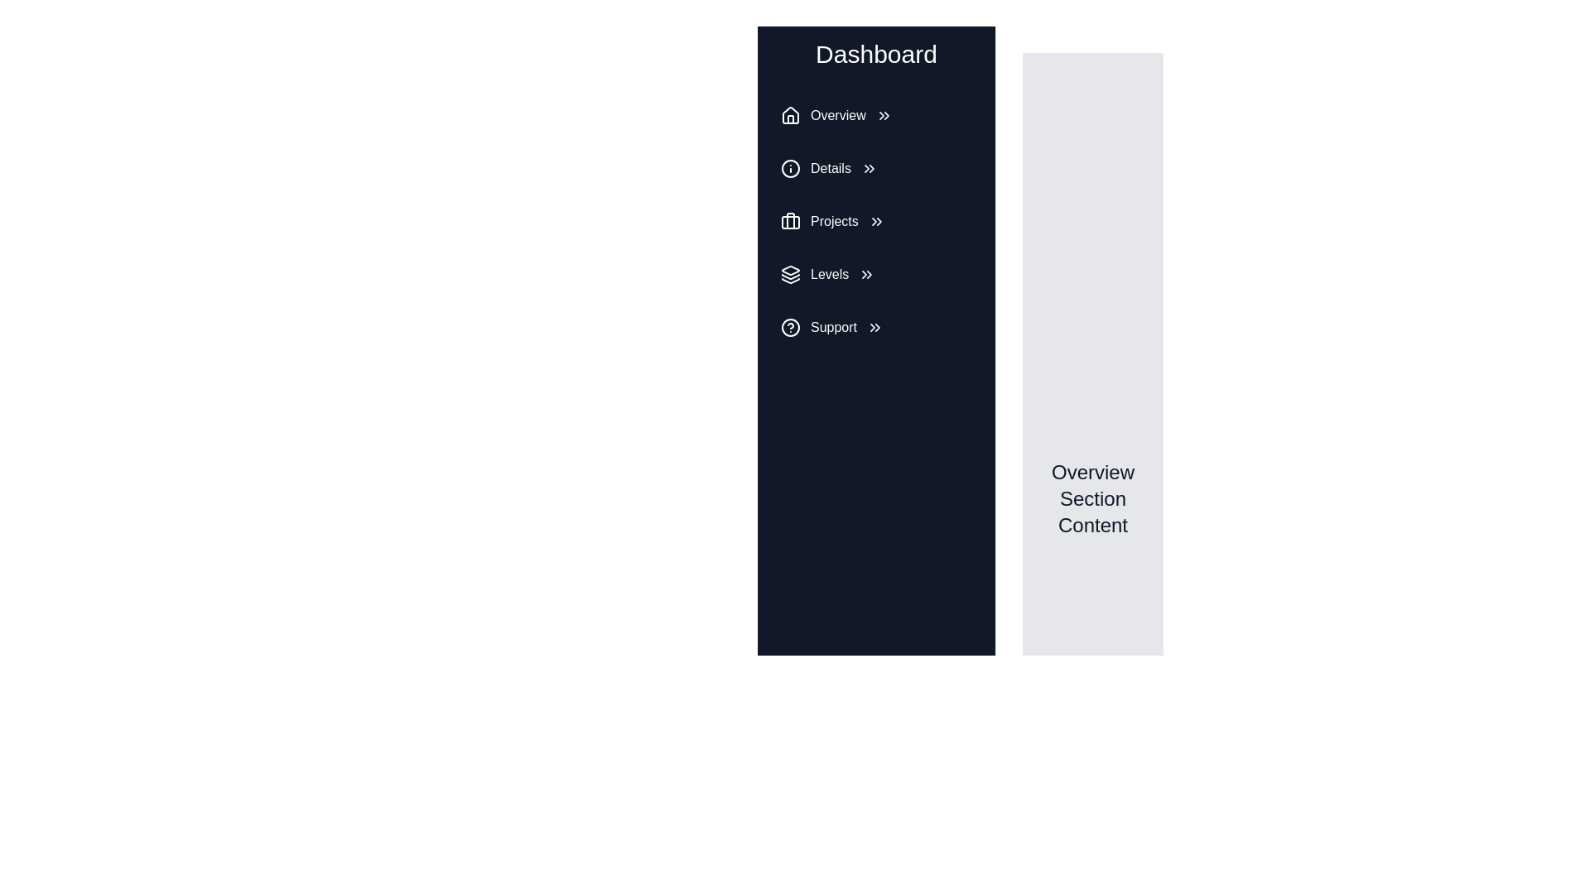 The image size is (1590, 894). What do you see at coordinates (831, 169) in the screenshot?
I see `the label in the vertical list menu that serves as a title for the menu entry, located below 'Overview' and above 'Projects'` at bounding box center [831, 169].